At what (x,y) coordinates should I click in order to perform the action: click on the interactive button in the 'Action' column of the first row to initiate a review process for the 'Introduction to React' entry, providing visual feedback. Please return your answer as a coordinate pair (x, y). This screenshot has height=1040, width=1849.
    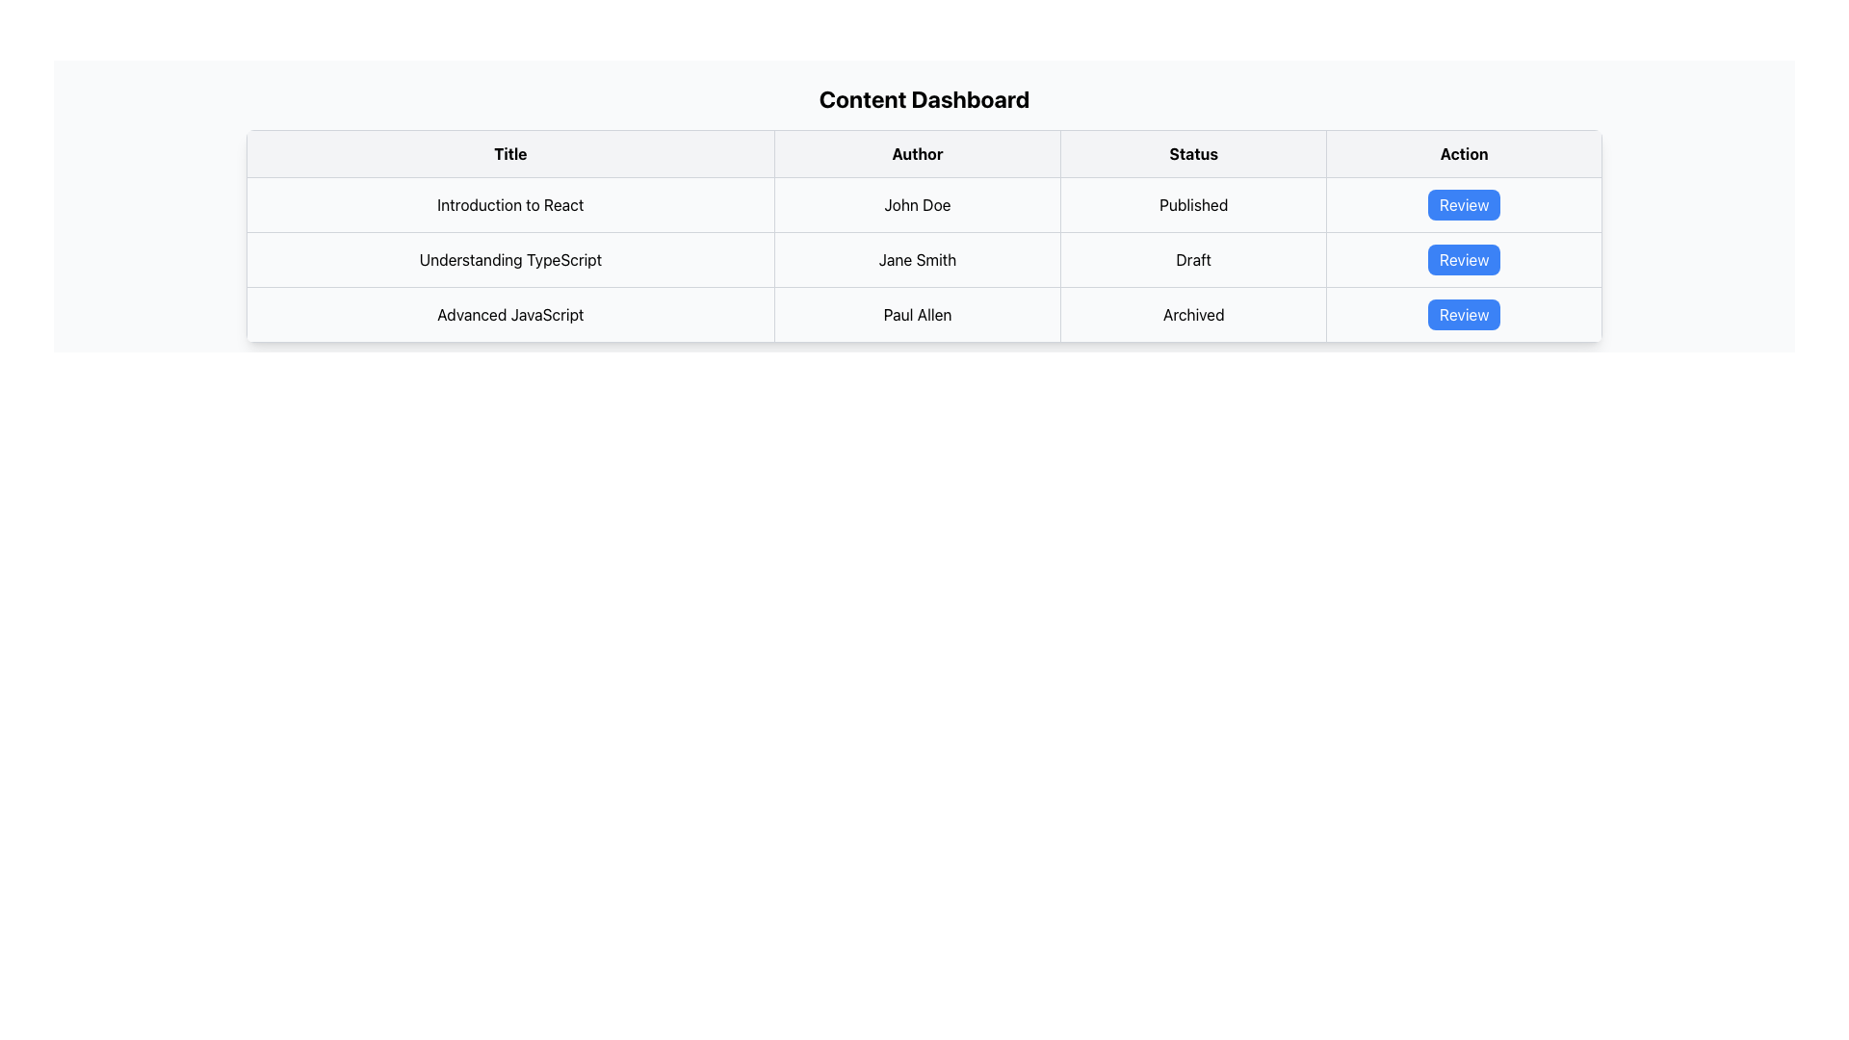
    Looking at the image, I should click on (1464, 204).